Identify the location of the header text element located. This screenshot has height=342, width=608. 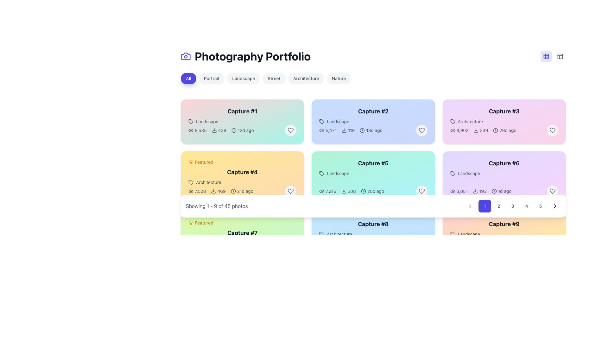
(373, 163).